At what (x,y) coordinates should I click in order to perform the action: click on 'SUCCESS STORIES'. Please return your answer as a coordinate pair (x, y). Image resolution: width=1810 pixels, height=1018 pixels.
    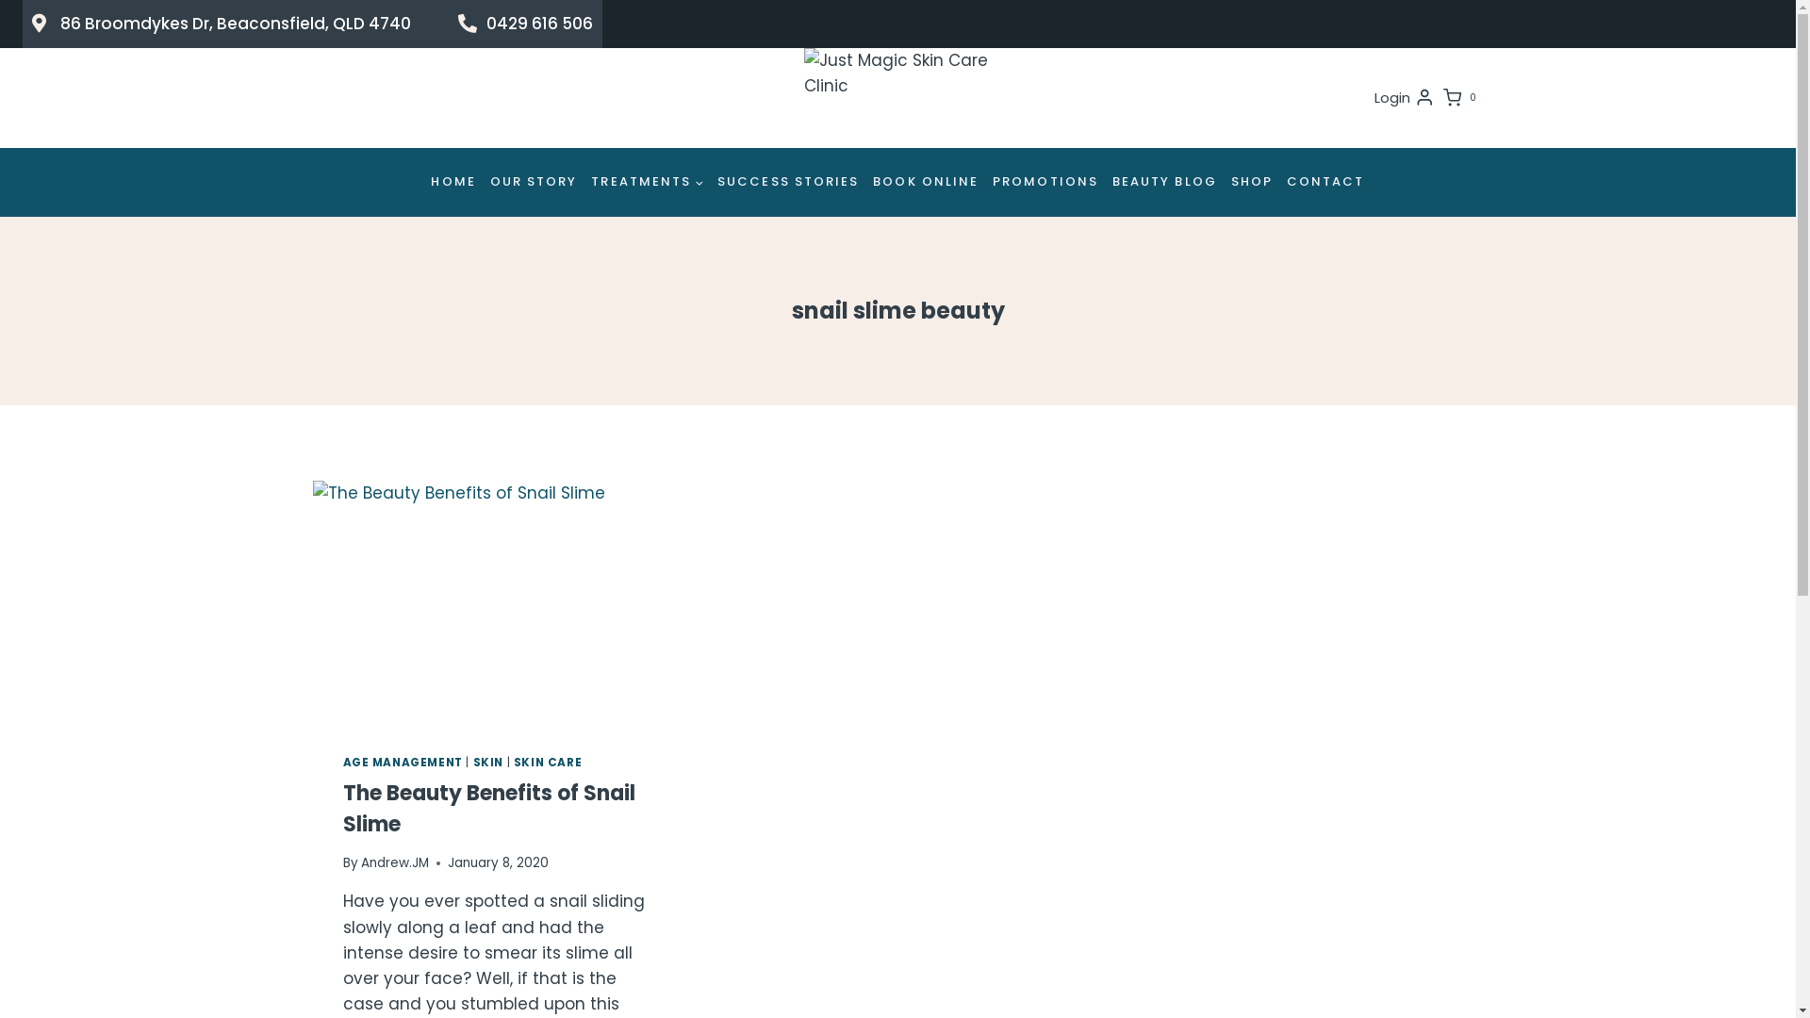
    Looking at the image, I should click on (788, 182).